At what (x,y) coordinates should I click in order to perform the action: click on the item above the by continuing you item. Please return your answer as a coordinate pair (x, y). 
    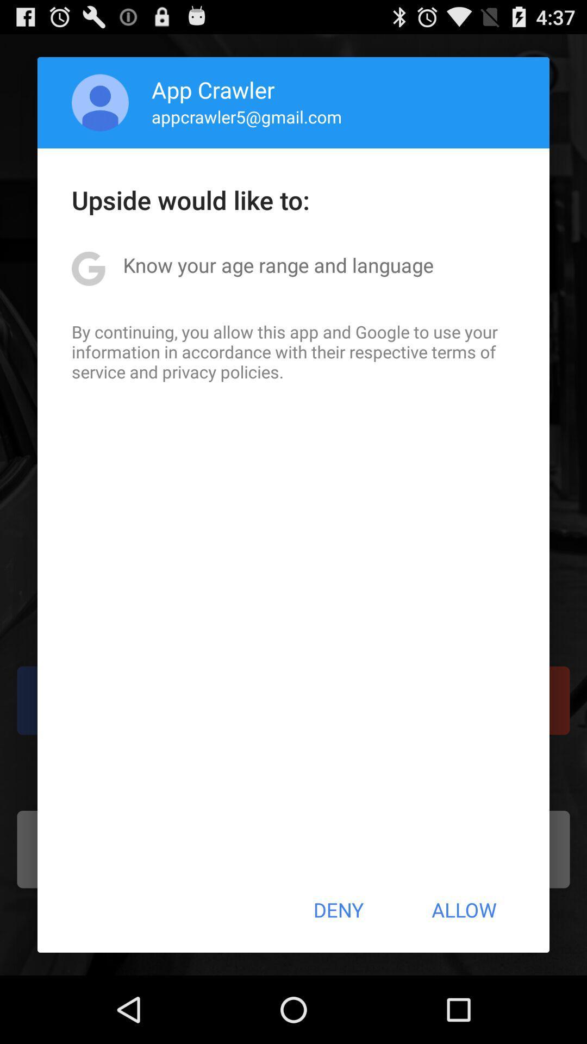
    Looking at the image, I should click on (278, 265).